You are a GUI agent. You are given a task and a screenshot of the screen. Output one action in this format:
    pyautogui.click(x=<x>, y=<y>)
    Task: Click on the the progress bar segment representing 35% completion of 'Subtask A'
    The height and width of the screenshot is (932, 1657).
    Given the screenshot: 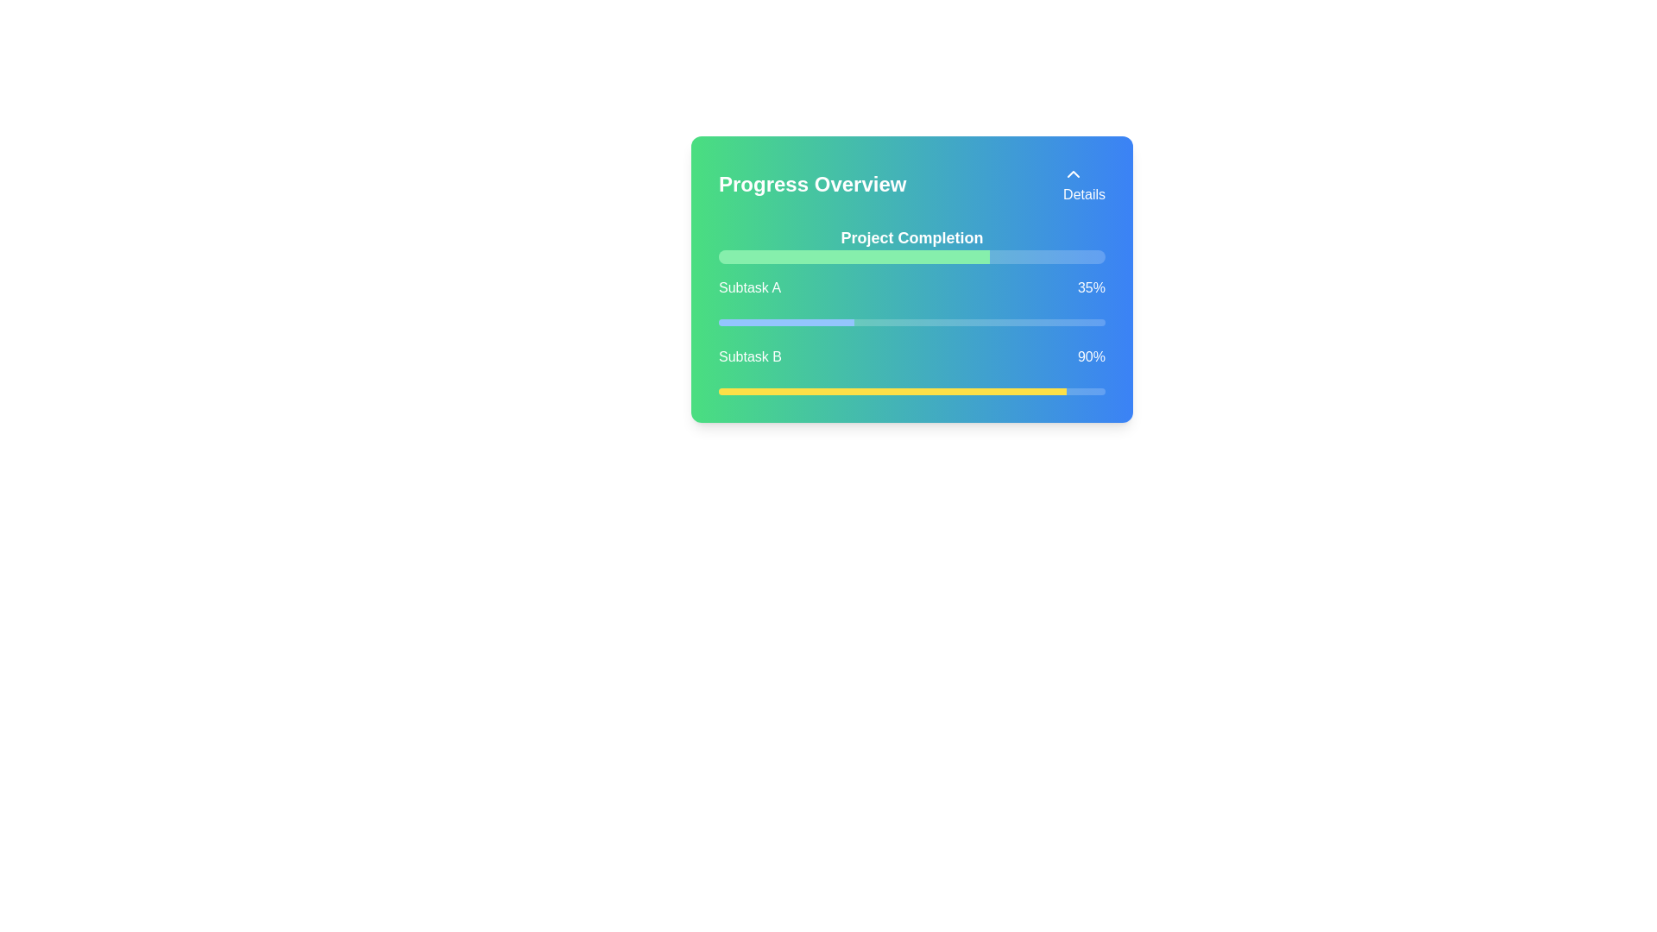 What is the action you would take?
    pyautogui.click(x=785, y=323)
    